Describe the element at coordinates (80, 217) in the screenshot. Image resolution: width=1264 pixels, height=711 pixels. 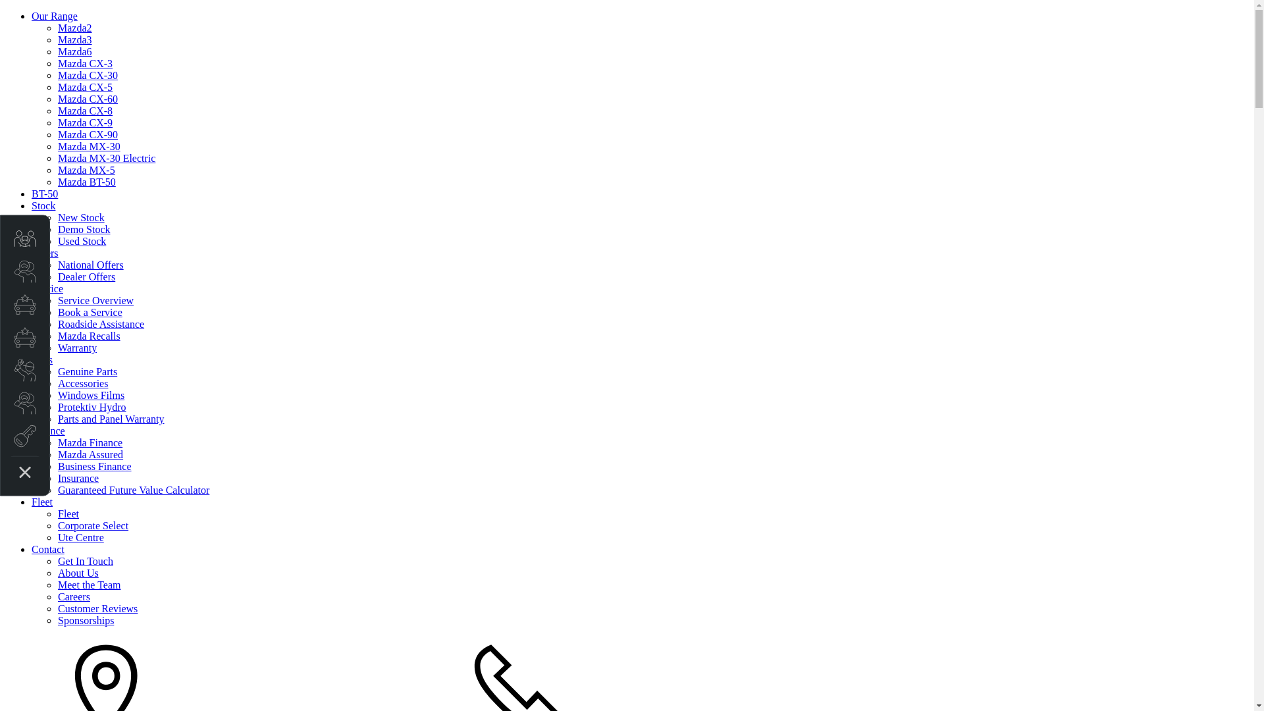
I see `'New Stock'` at that location.